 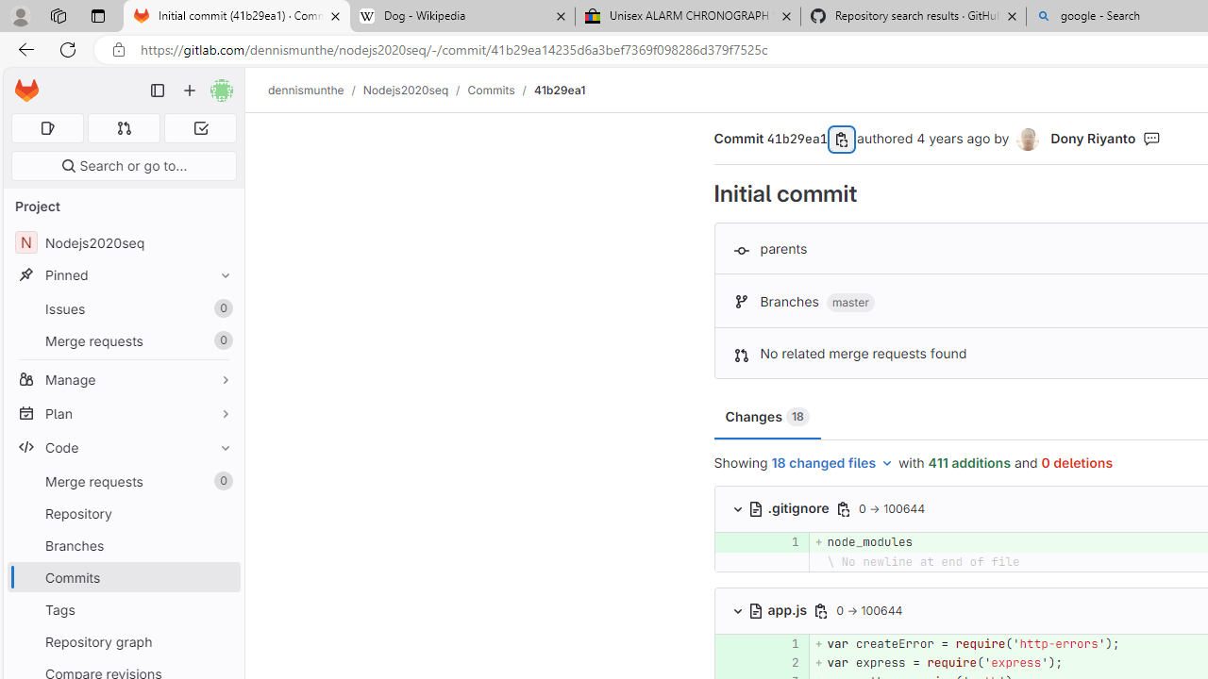 What do you see at coordinates (491, 90) in the screenshot?
I see `'Commits'` at bounding box center [491, 90].